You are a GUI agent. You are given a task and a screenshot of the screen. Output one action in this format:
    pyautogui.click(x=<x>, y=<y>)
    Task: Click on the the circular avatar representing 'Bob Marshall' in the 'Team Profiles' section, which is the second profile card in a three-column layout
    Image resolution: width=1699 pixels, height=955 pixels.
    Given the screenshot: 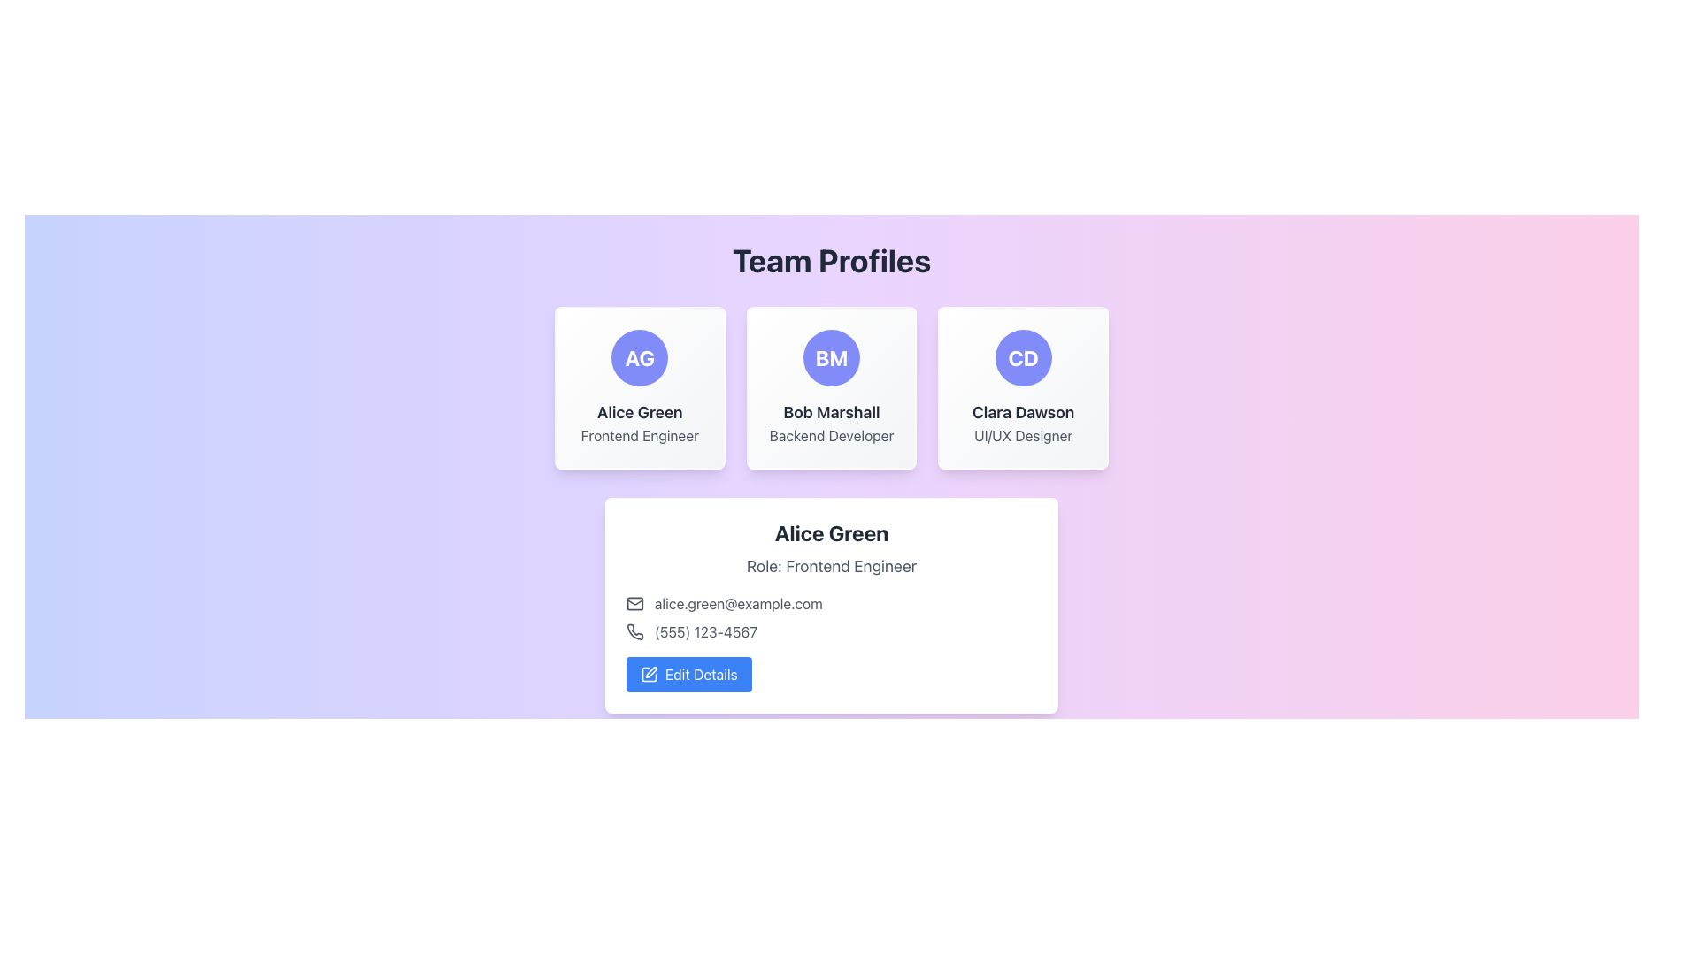 What is the action you would take?
    pyautogui.click(x=831, y=358)
    